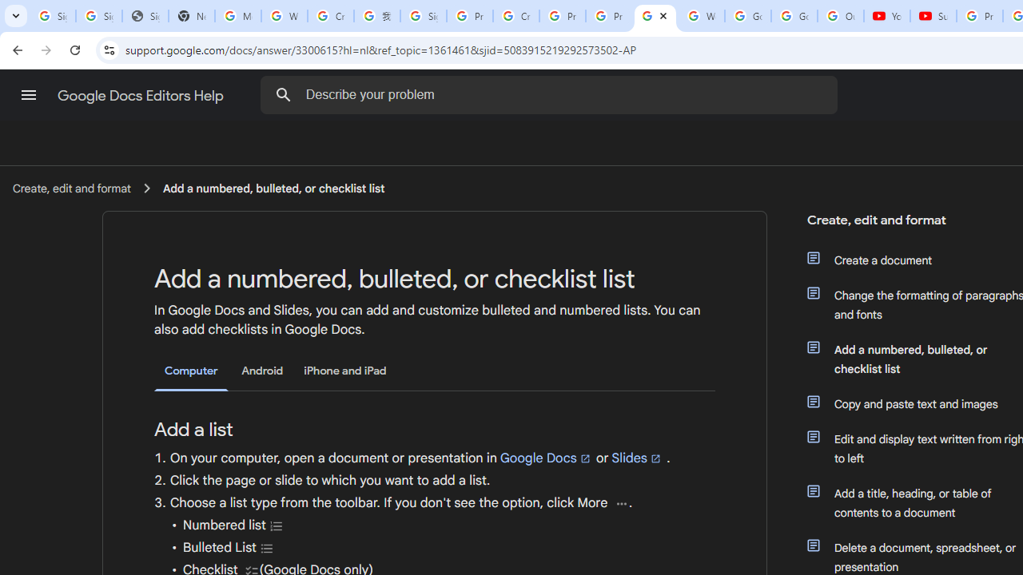 The height and width of the screenshot is (575, 1023). What do you see at coordinates (108, 49) in the screenshot?
I see `'View site information'` at bounding box center [108, 49].